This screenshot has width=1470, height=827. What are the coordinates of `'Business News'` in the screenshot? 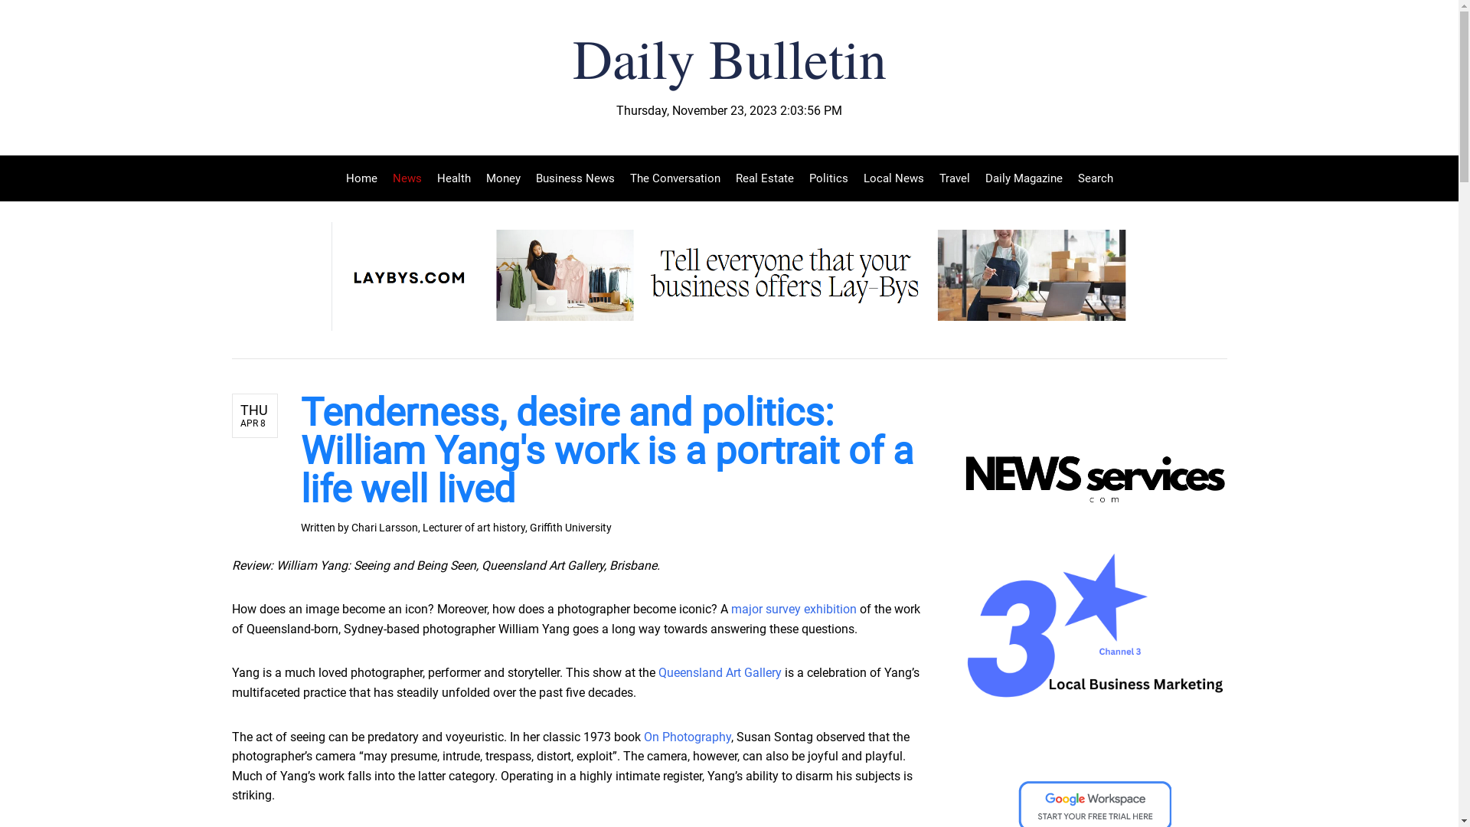 It's located at (528, 177).